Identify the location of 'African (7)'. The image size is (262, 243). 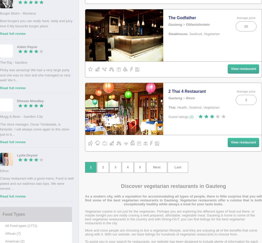
(5, 233).